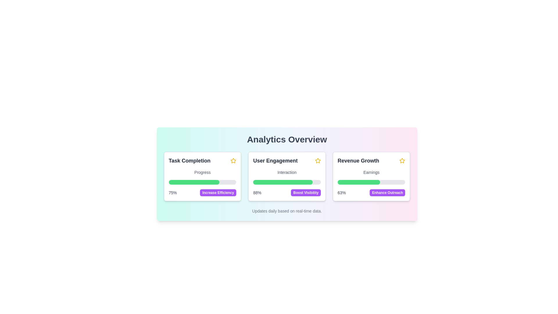  What do you see at coordinates (202, 172) in the screenshot?
I see `the 'Progress' text label displayed in light gray color and small font size, located within the 'Task Completion' card, positioned below the main title and above a progress bar` at bounding box center [202, 172].